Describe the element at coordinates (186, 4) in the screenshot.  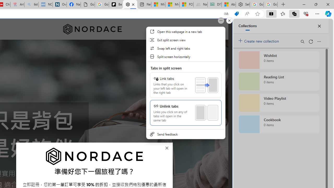
I see `'FOX News - MSN'` at that location.